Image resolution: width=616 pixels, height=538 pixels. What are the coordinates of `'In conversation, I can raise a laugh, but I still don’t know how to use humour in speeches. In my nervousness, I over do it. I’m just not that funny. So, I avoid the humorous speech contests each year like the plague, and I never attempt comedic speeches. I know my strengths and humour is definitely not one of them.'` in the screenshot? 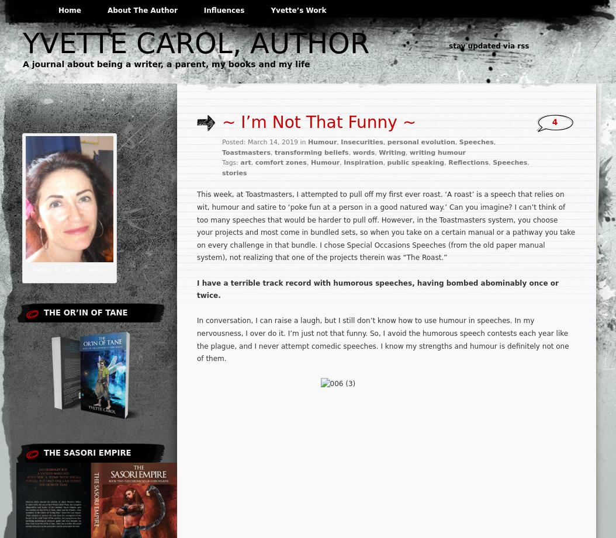 It's located at (382, 339).